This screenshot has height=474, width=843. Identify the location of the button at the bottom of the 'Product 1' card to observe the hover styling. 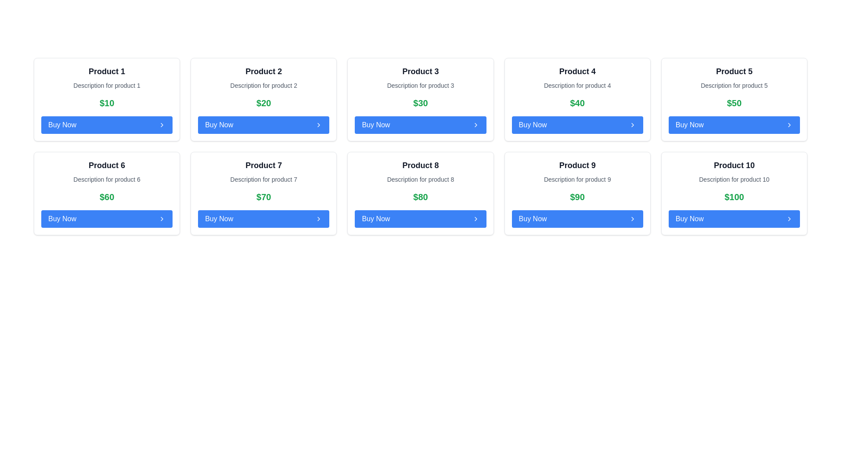
(106, 125).